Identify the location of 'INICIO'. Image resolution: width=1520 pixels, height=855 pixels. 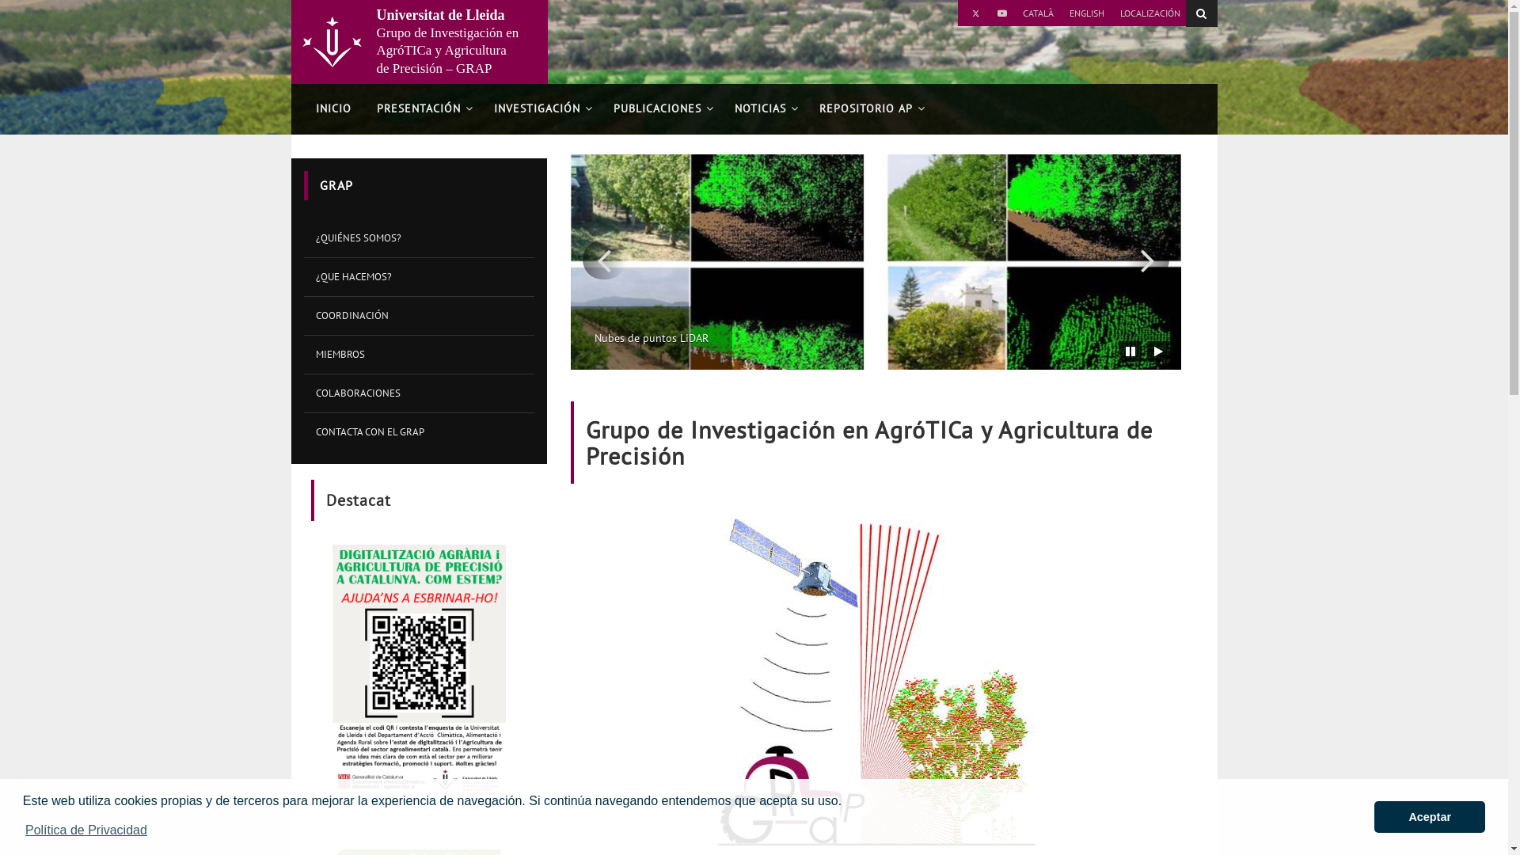
(332, 108).